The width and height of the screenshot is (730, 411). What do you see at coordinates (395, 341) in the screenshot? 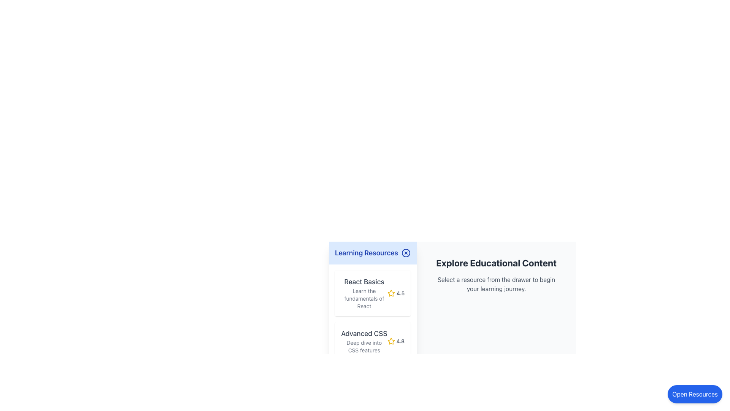
I see `the rating display indicating the average rating for the 'Advanced CSS' resource, located to the right of the 'Deep dive into CSS features' text in the 'Learning Resources' panel` at bounding box center [395, 341].